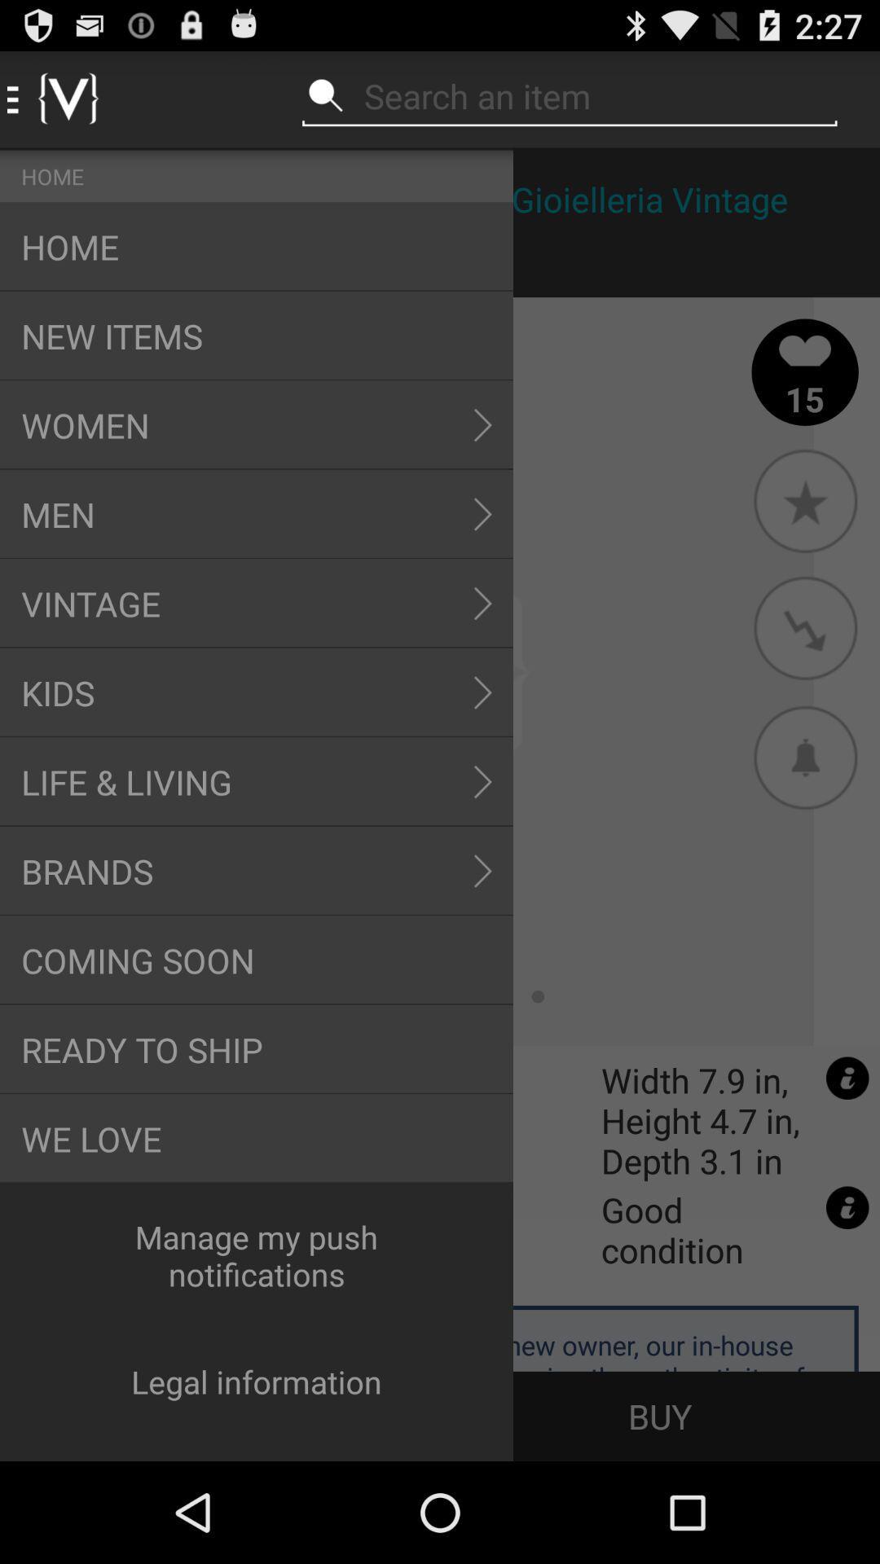 The image size is (880, 1564). Describe the element at coordinates (804, 535) in the screenshot. I see `the star icon` at that location.